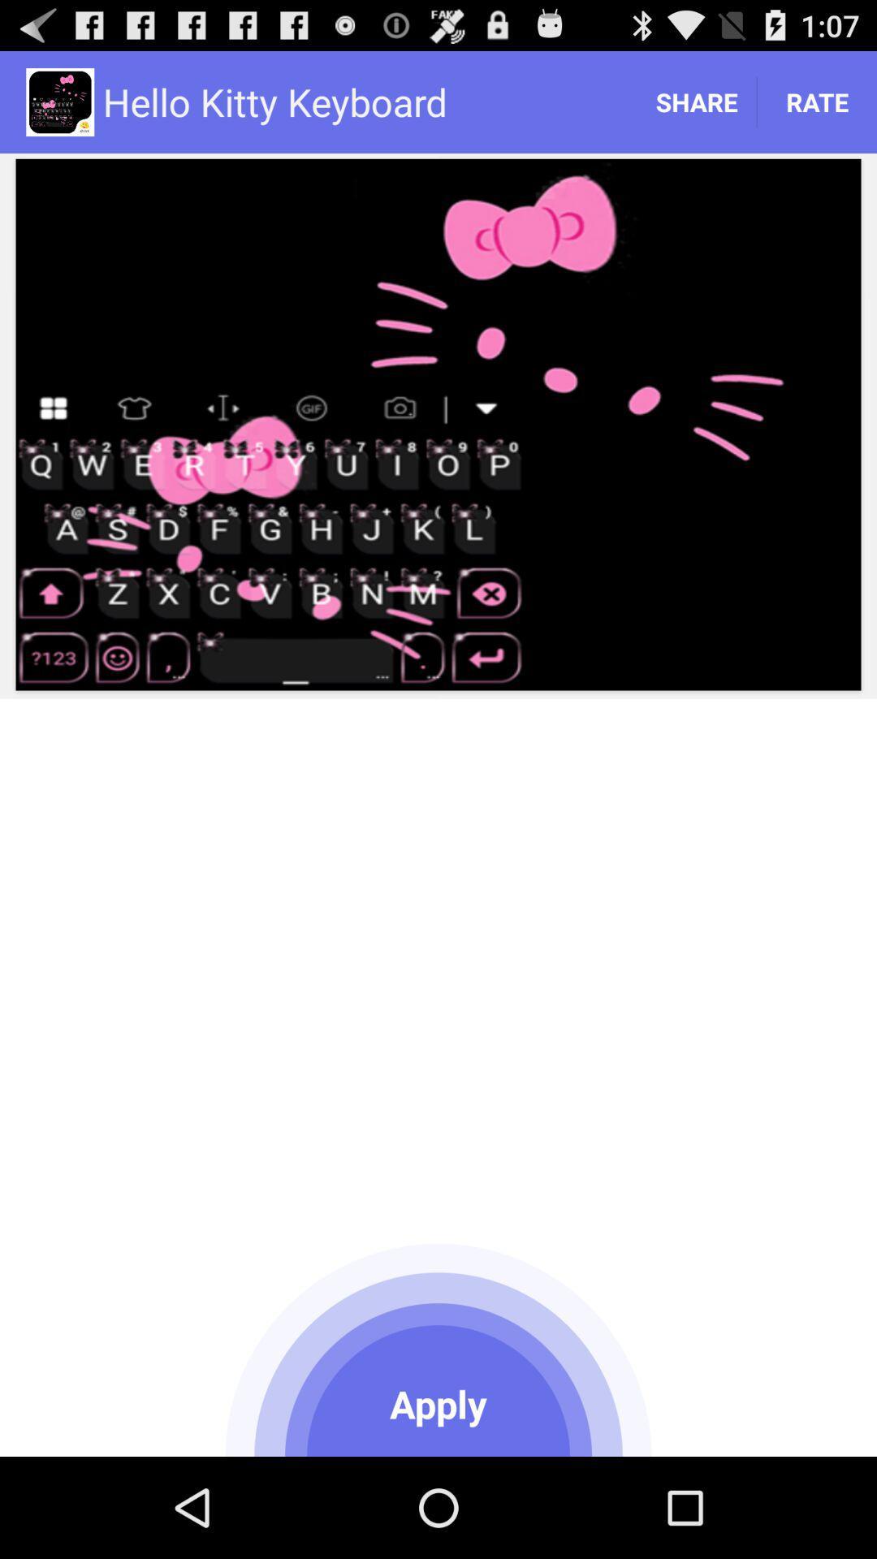 Image resolution: width=877 pixels, height=1559 pixels. Describe the element at coordinates (695, 101) in the screenshot. I see `share icon` at that location.